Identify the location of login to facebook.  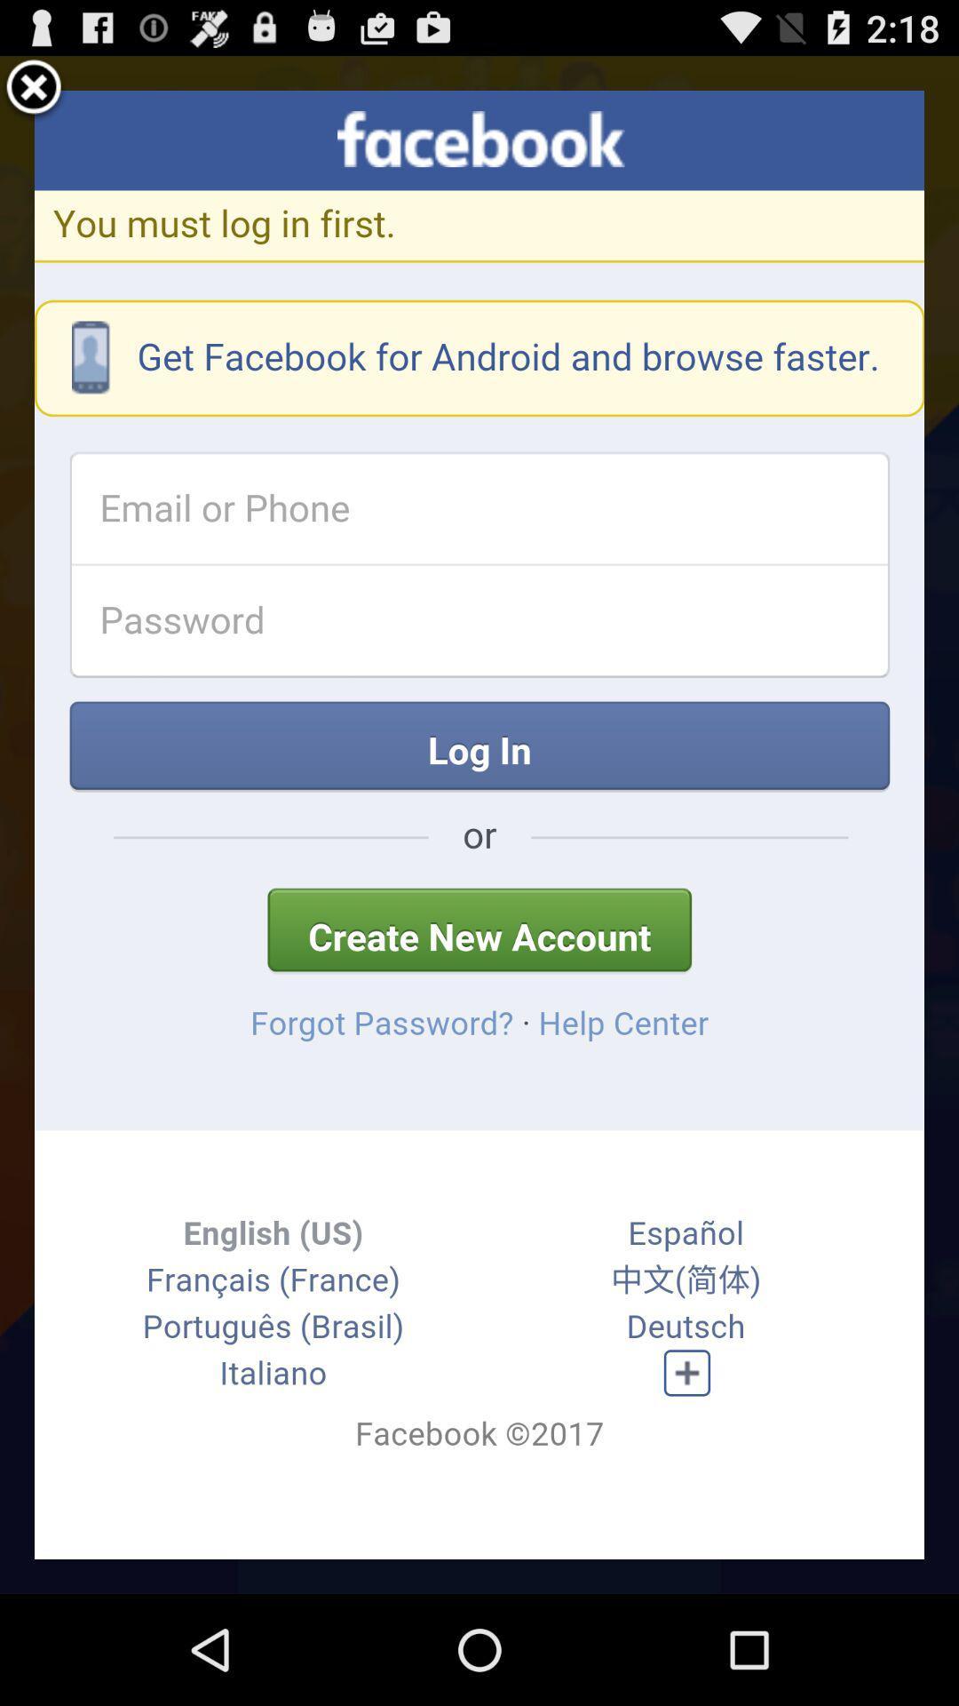
(479, 824).